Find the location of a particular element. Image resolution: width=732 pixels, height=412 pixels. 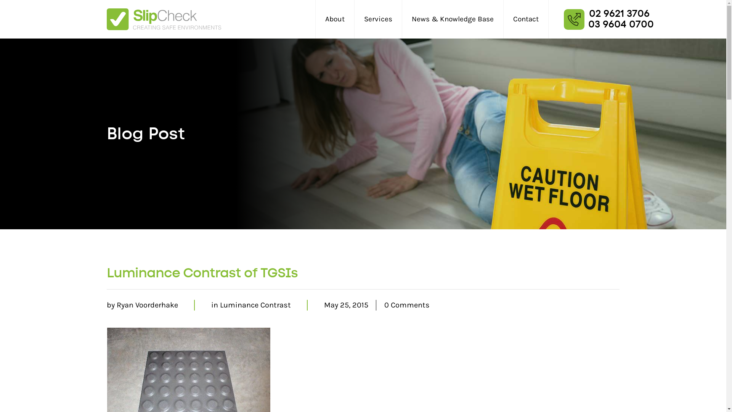

'by Ryan Voorderhake' is located at coordinates (142, 305).